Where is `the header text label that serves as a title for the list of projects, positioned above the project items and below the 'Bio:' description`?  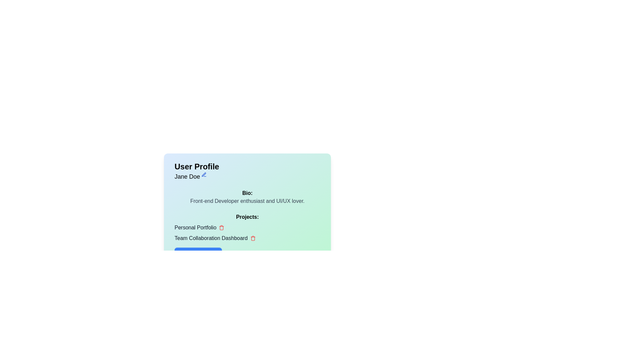 the header text label that serves as a title for the list of projects, positioned above the project items and below the 'Bio:' description is located at coordinates (247, 217).